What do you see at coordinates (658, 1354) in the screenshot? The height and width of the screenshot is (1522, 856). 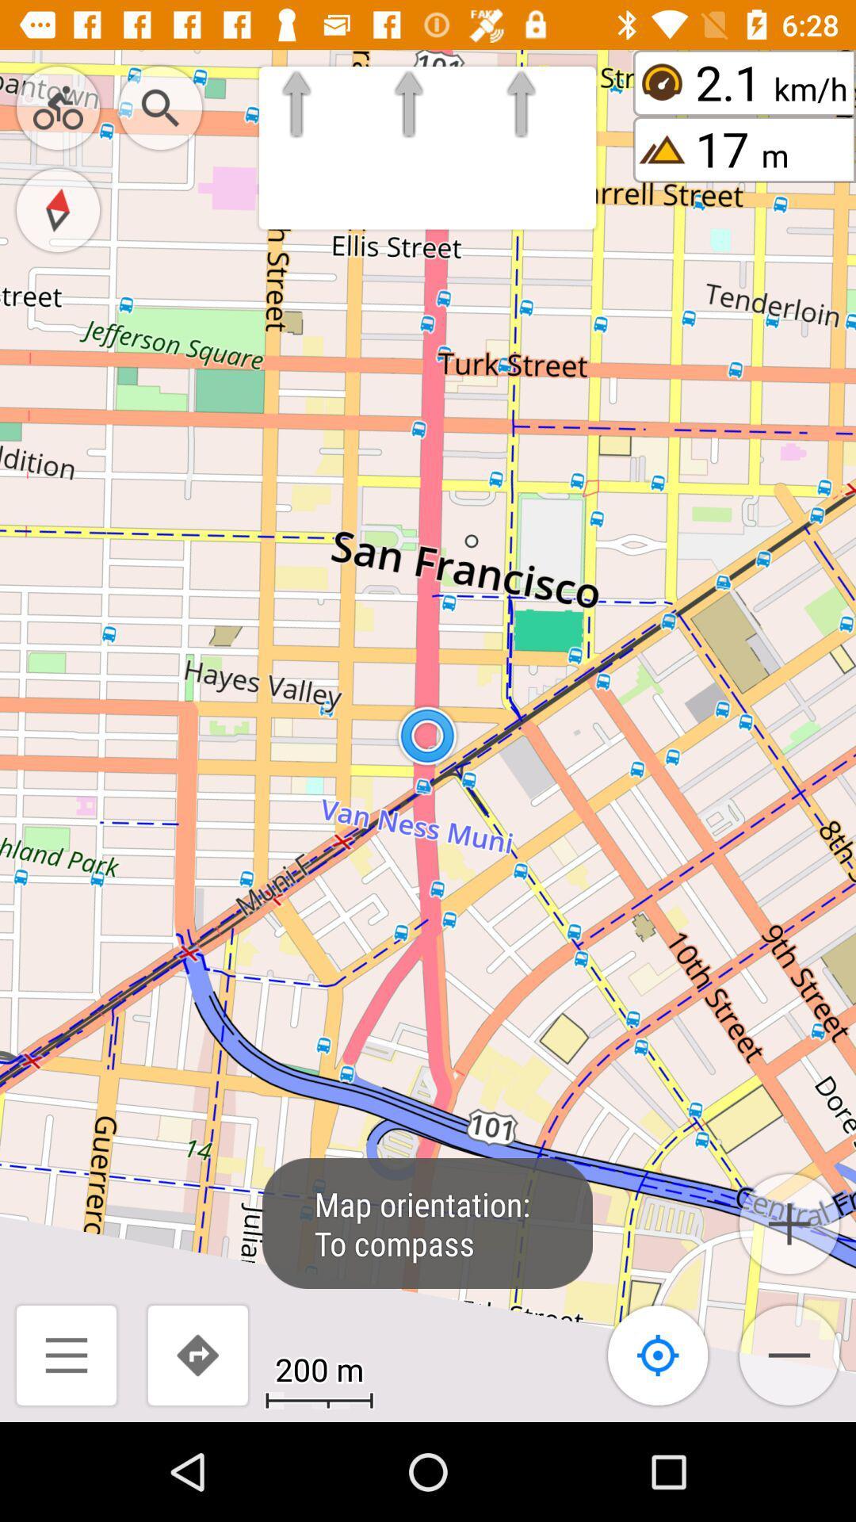 I see `the location_crosshair icon` at bounding box center [658, 1354].